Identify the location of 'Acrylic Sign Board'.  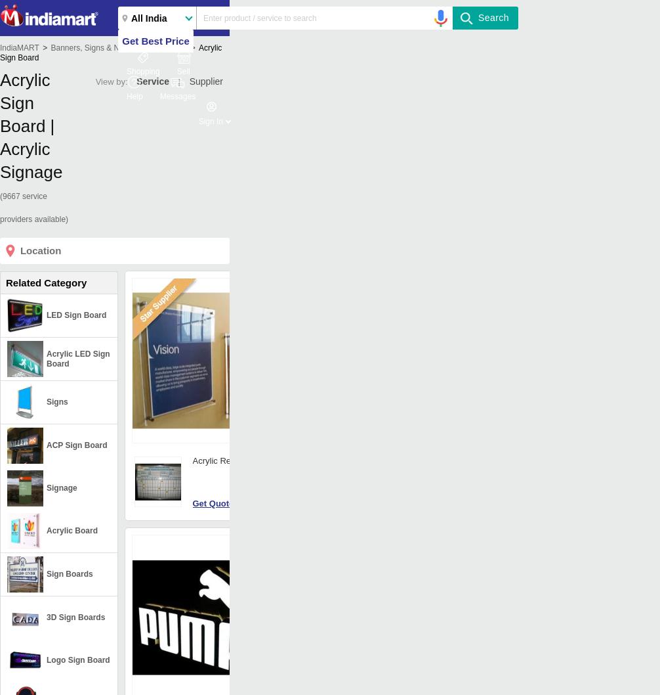
(0, 53).